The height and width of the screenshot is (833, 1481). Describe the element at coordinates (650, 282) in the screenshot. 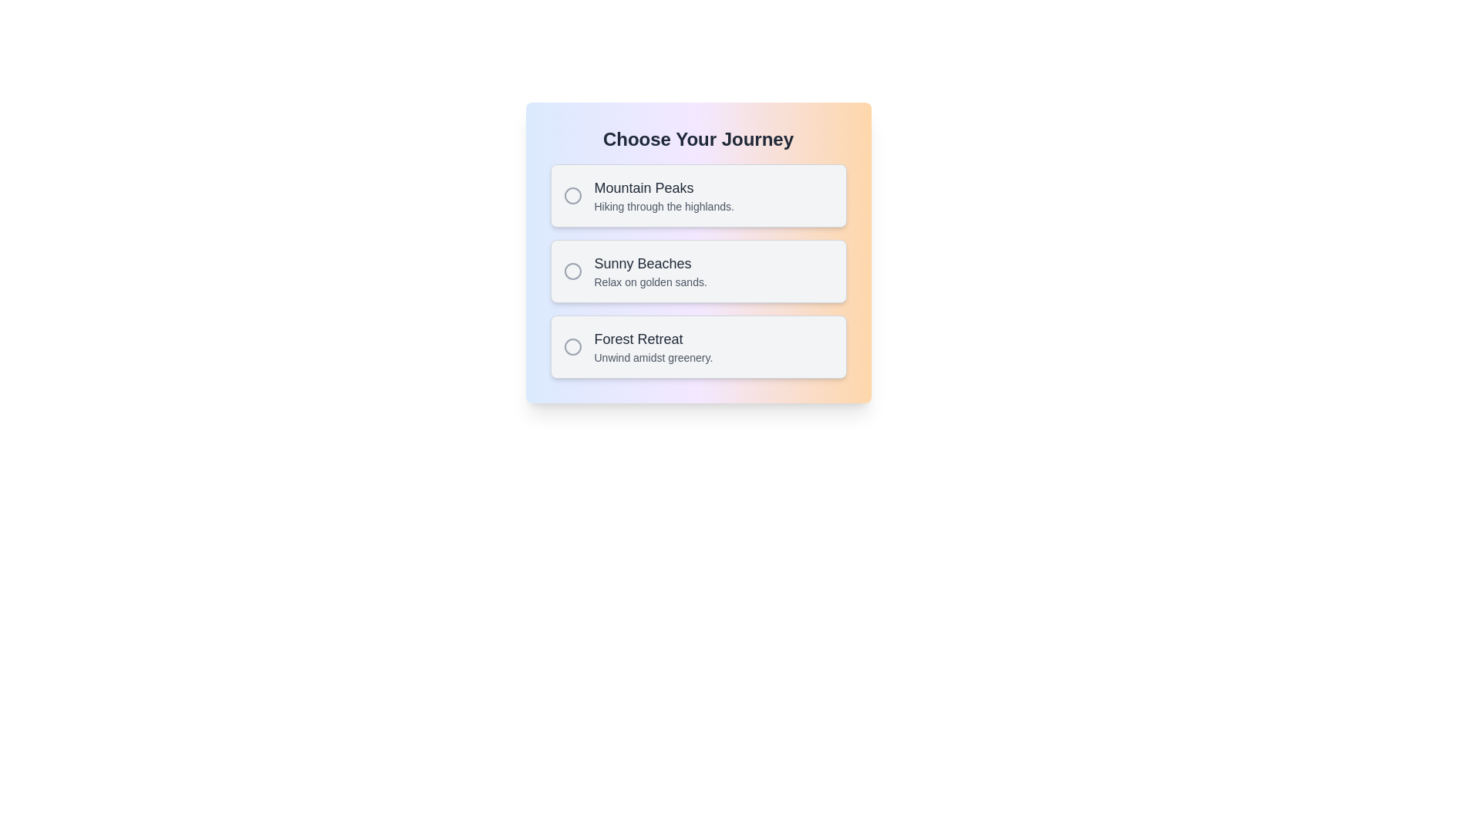

I see `the text label that provides a description for the option labeled 'Sunny Beaches', located directly below the 'Sunny Beaches' text and vertically centered in the second selectable option row` at that location.